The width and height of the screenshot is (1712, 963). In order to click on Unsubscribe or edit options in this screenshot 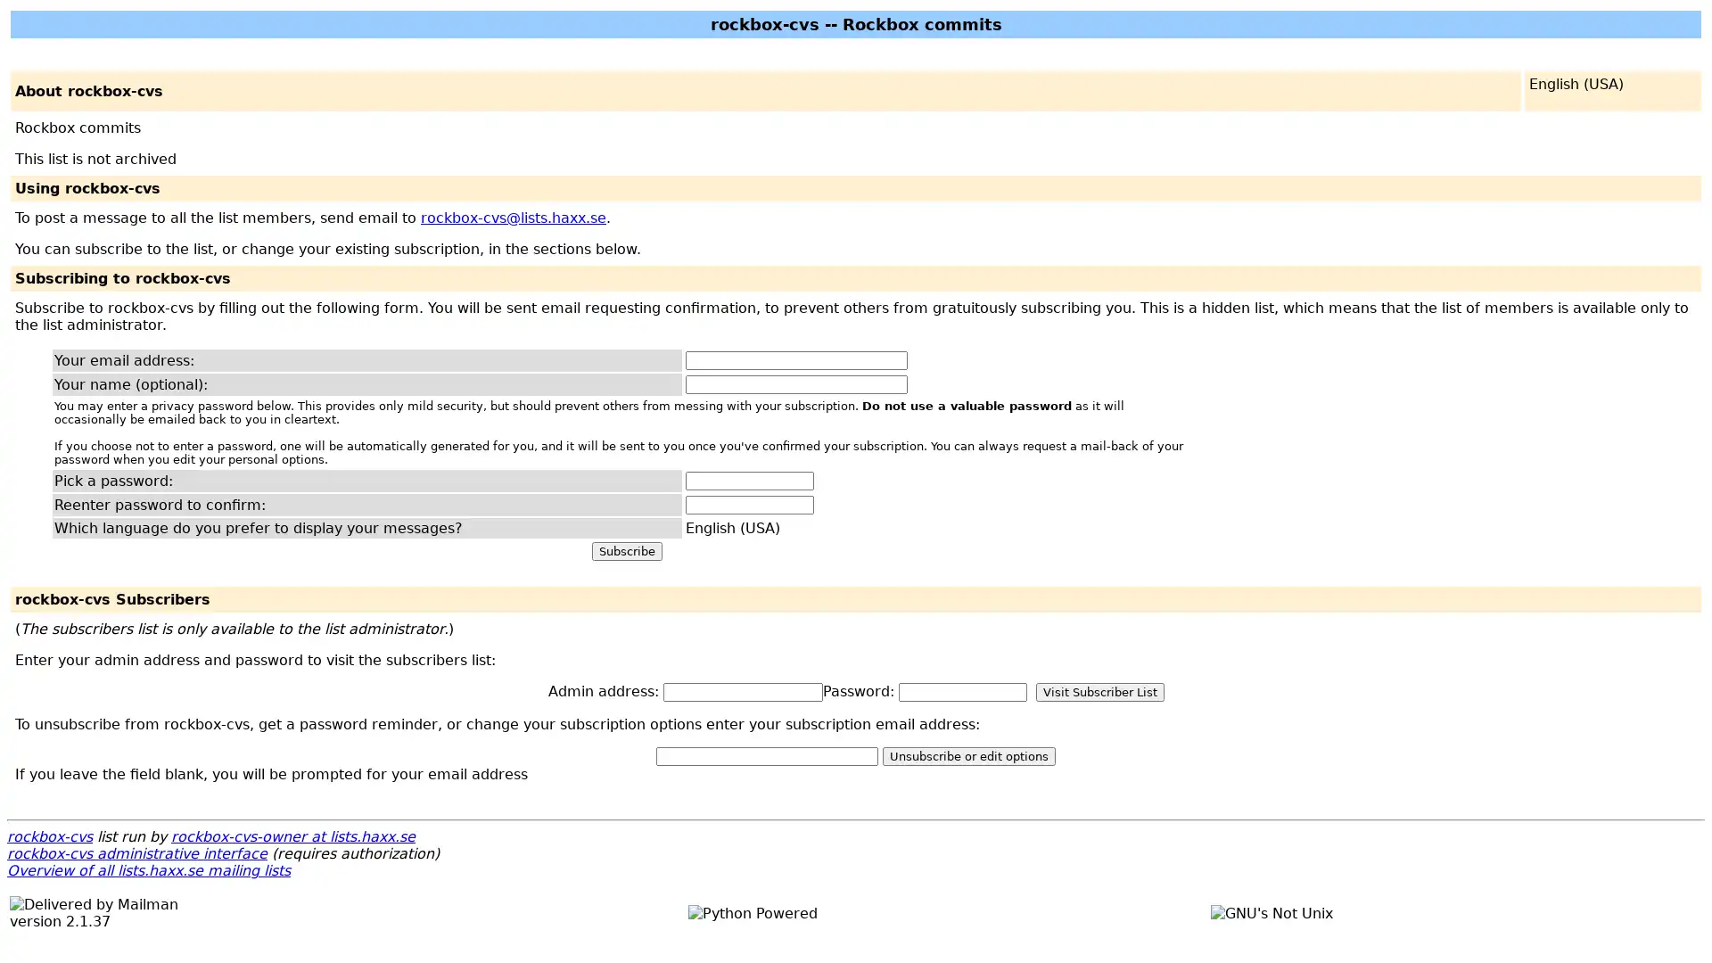, I will do `click(967, 756)`.